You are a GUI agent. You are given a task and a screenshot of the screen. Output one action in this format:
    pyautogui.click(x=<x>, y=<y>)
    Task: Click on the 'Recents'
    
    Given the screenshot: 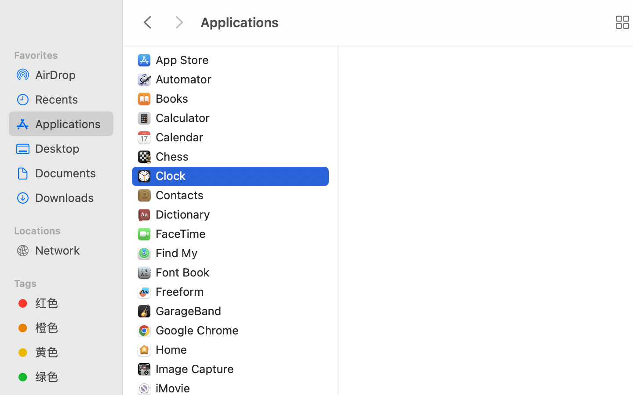 What is the action you would take?
    pyautogui.click(x=70, y=99)
    